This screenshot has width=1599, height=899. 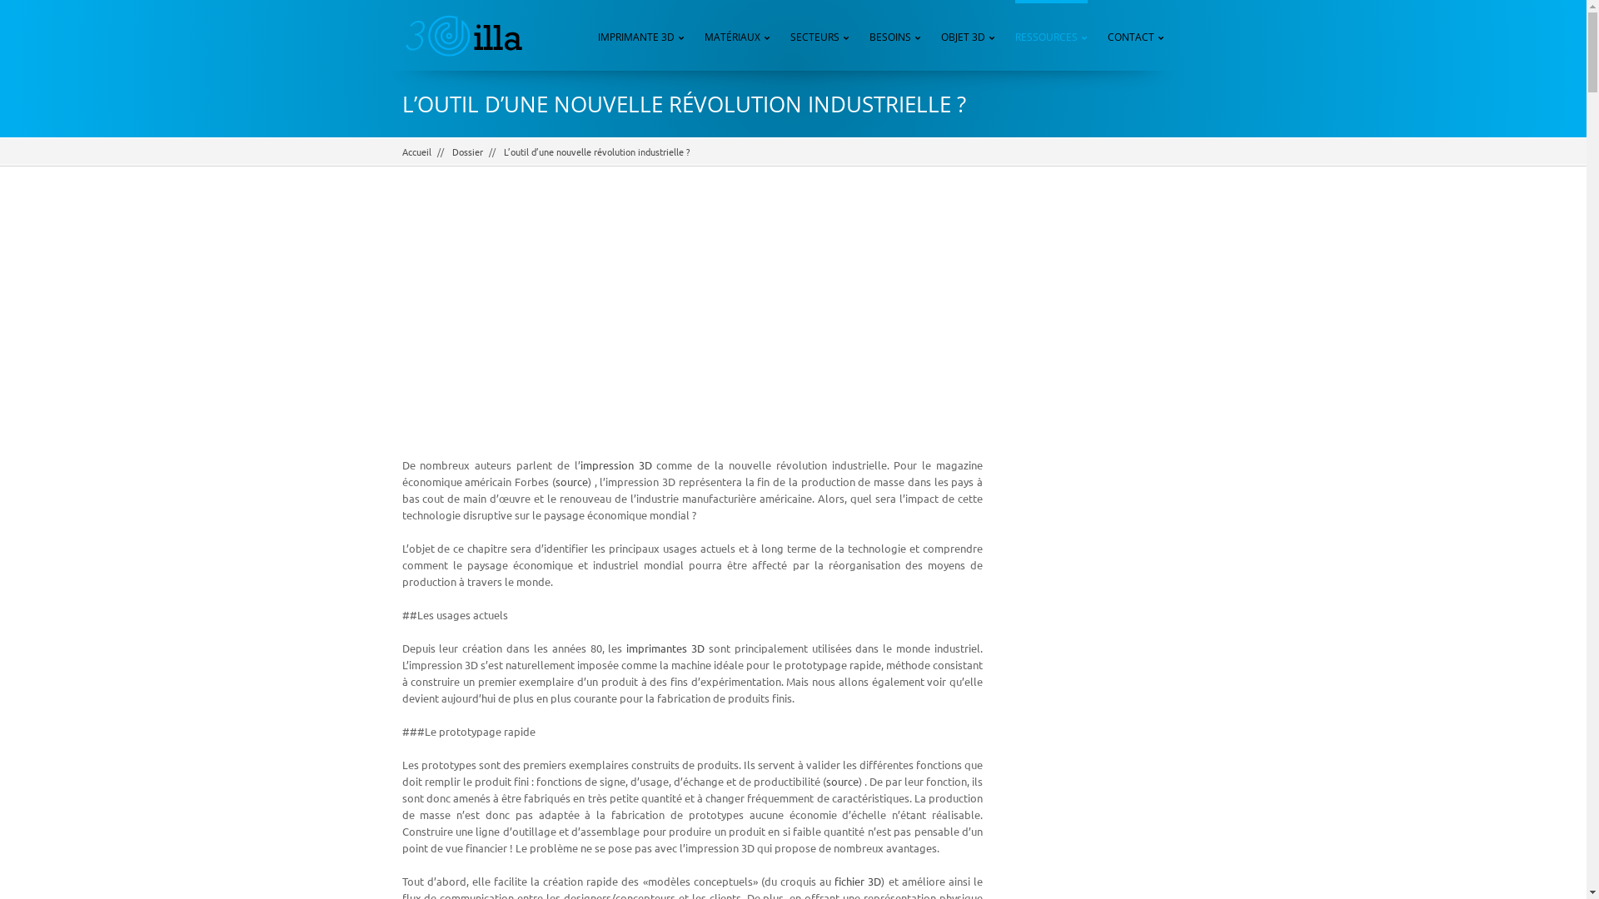 I want to click on 'BESOINS', so click(x=868, y=35).